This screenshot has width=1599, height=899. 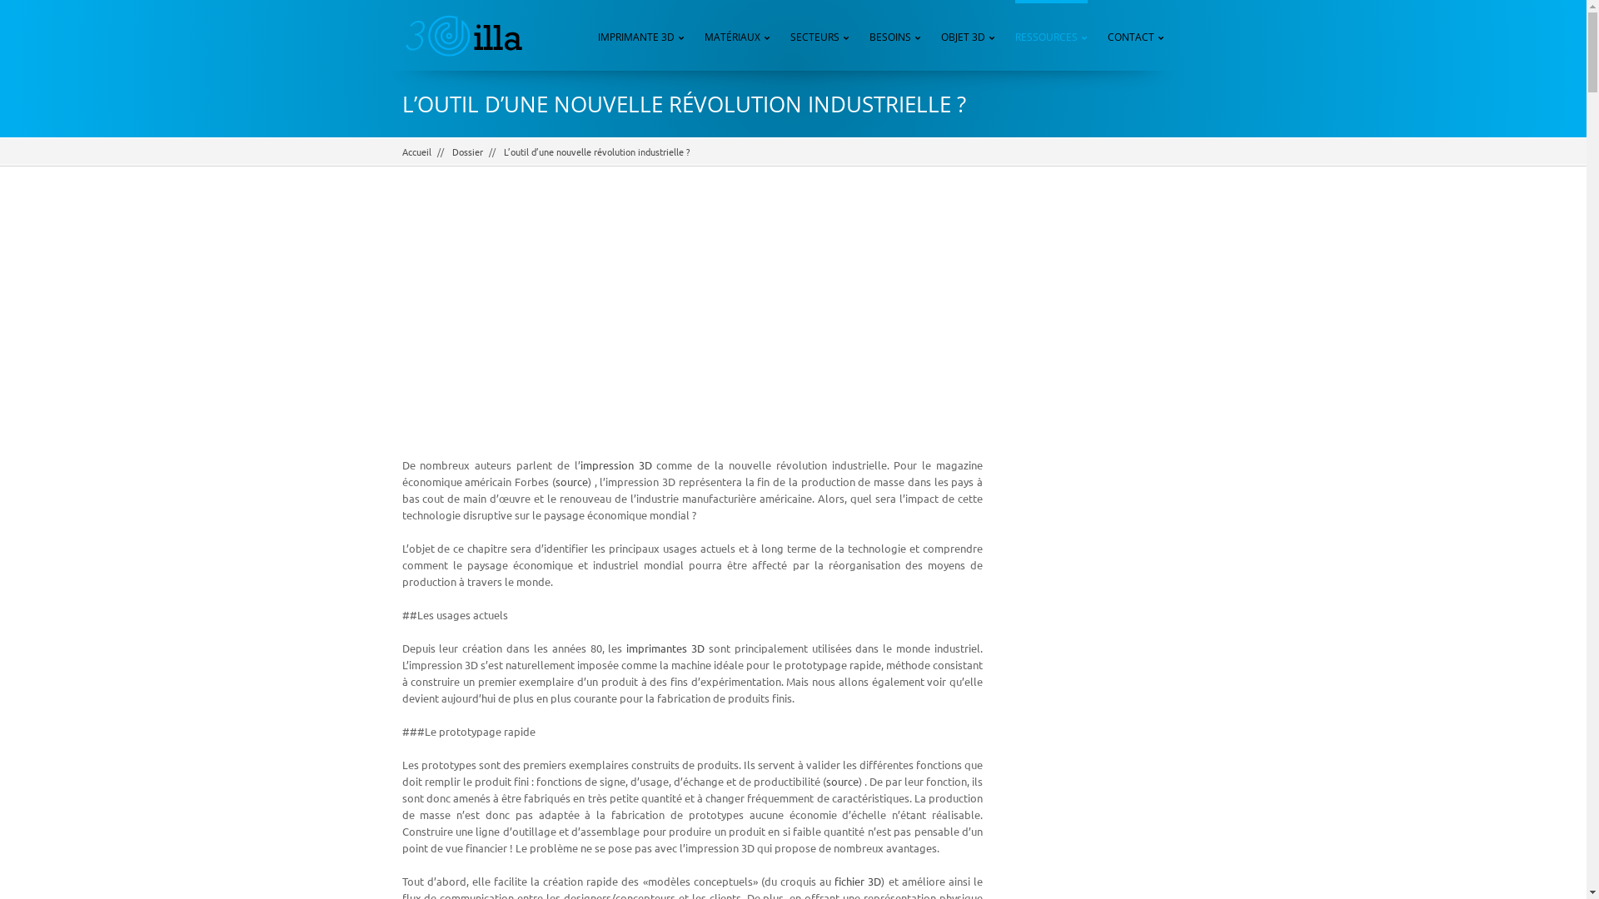 I want to click on 'BESOINS', so click(x=868, y=35).